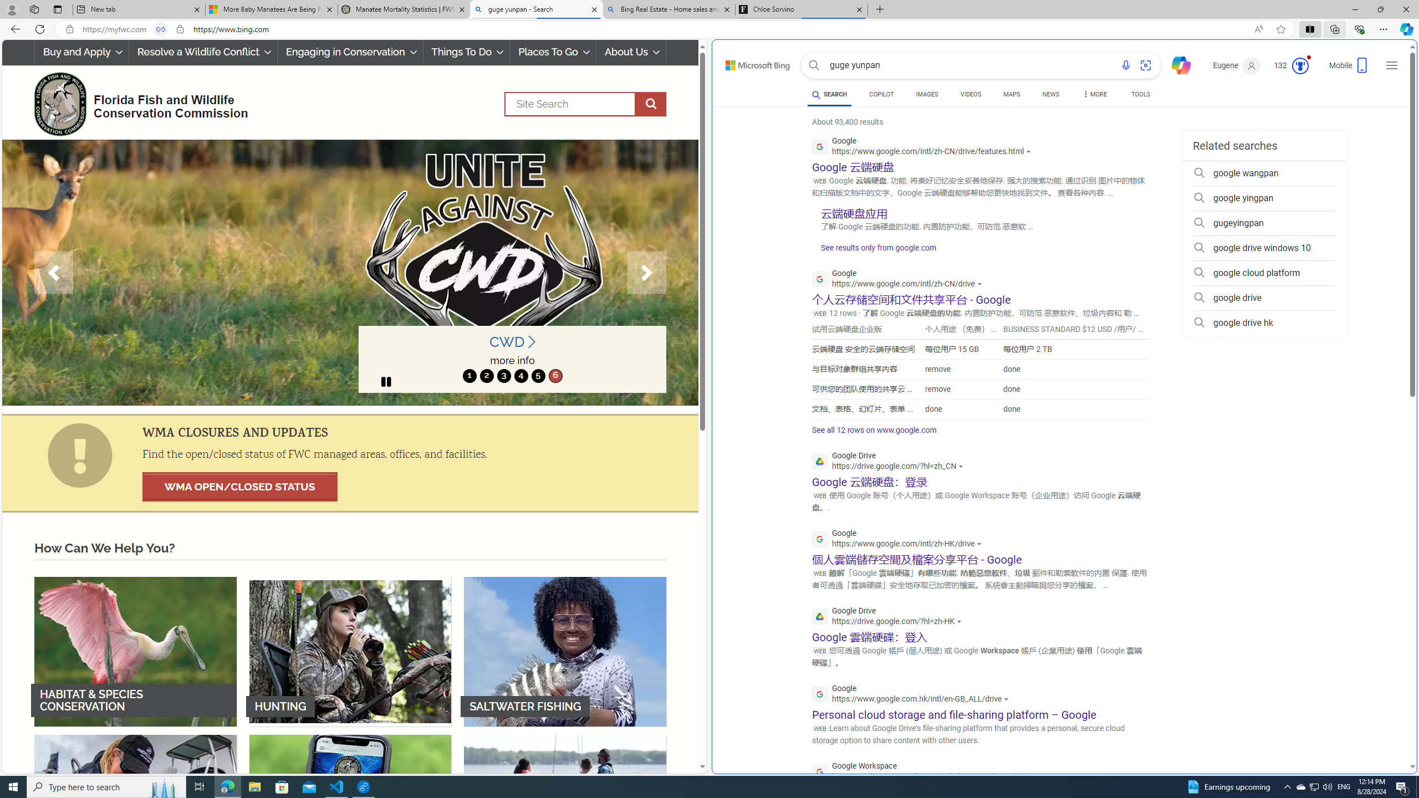  I want to click on 'Restore', so click(1380, 9).